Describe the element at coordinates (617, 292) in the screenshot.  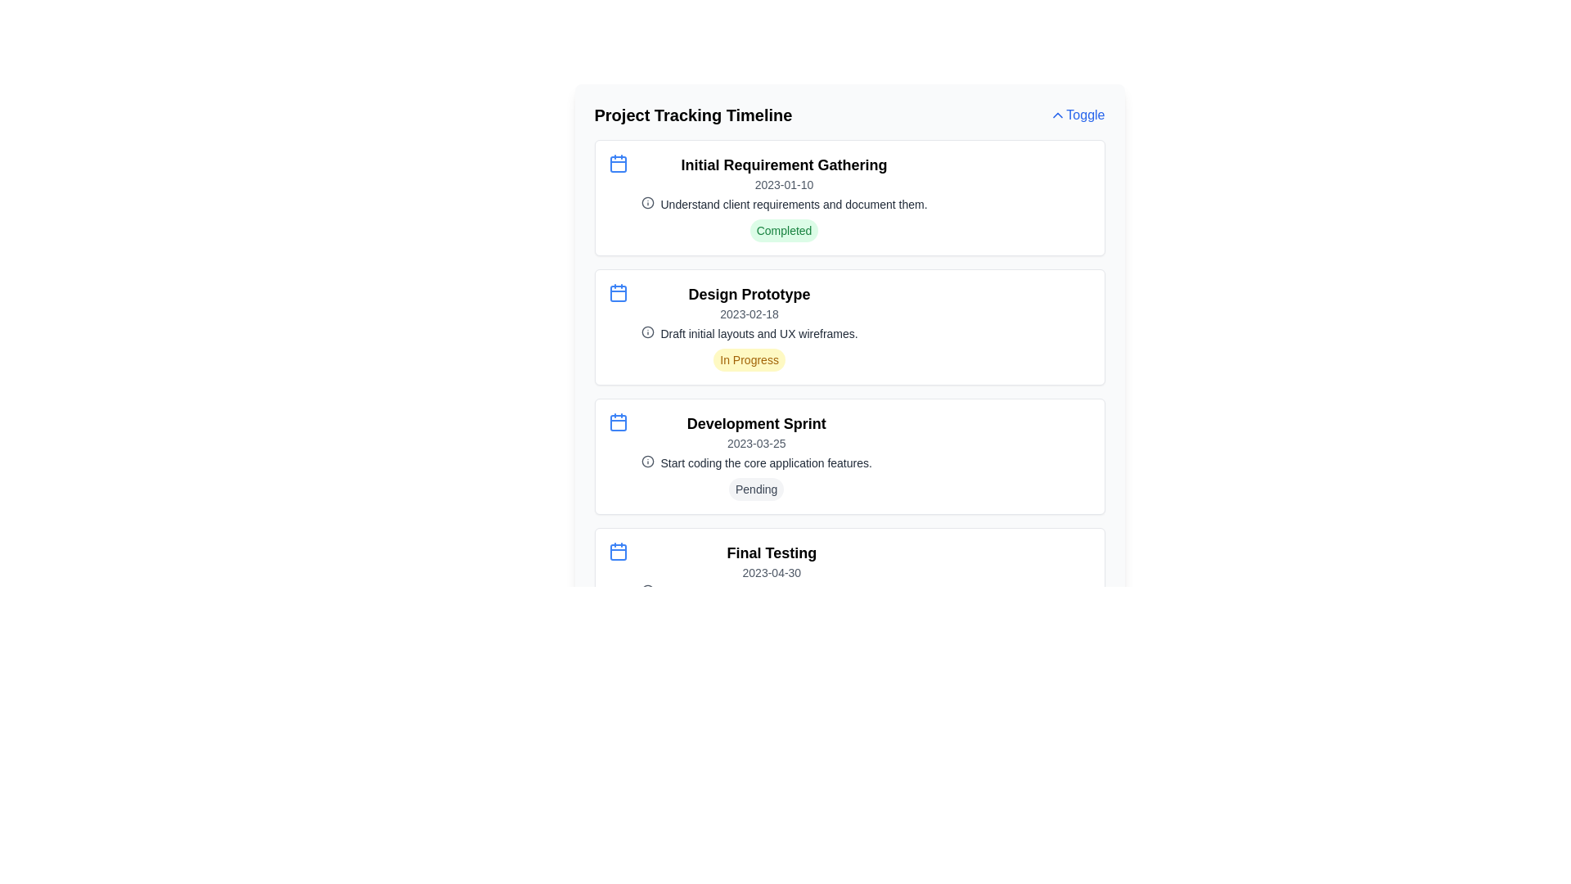
I see `the blue calendar icon located at the top-left corner of the 'Design Prototype' card, which has a distinctive structure resembling a calendar with two vertical marks near the top` at that location.